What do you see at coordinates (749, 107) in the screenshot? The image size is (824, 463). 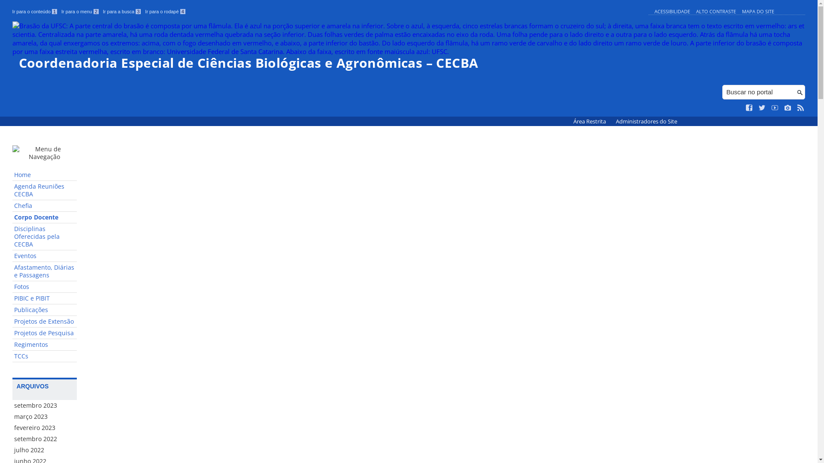 I see `'Curta no Facebook'` at bounding box center [749, 107].